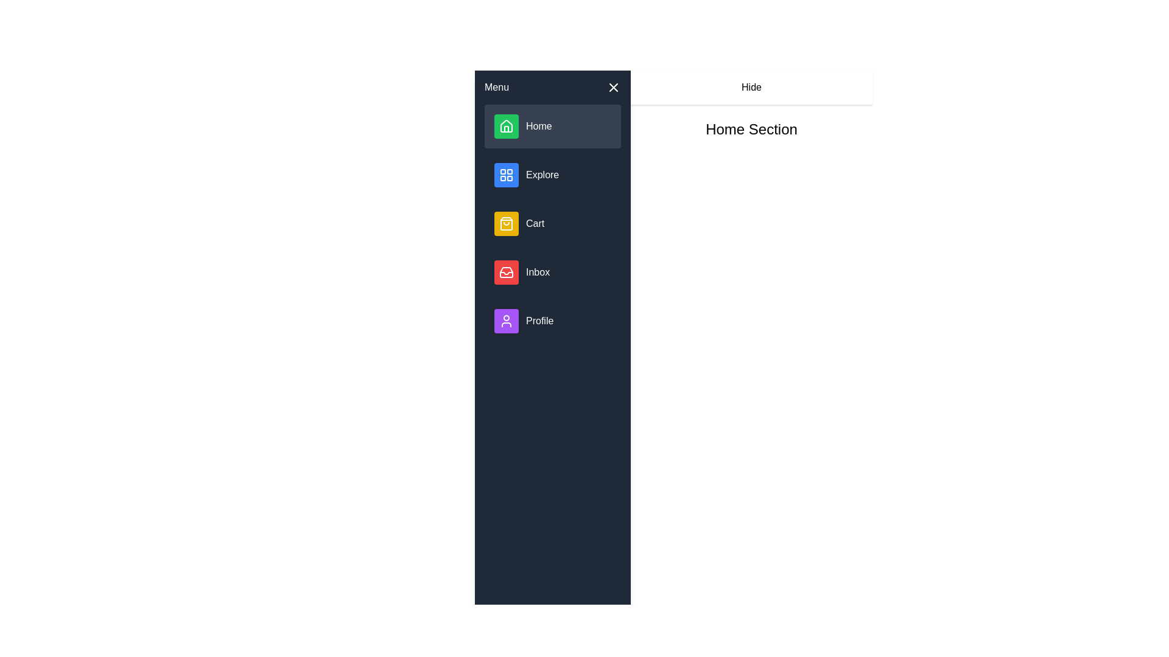 This screenshot has height=657, width=1169. What do you see at coordinates (537, 271) in the screenshot?
I see `text label indicating the 'Inbox' section, which is located to the right of the red inbox icon in the vertical menu panel` at bounding box center [537, 271].